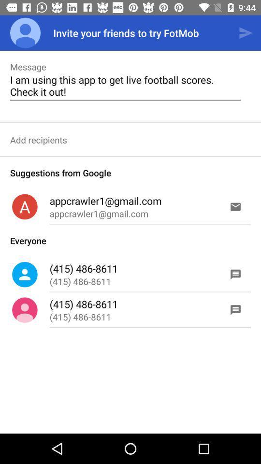 The height and width of the screenshot is (464, 261). I want to click on the i am using item, so click(125, 85).